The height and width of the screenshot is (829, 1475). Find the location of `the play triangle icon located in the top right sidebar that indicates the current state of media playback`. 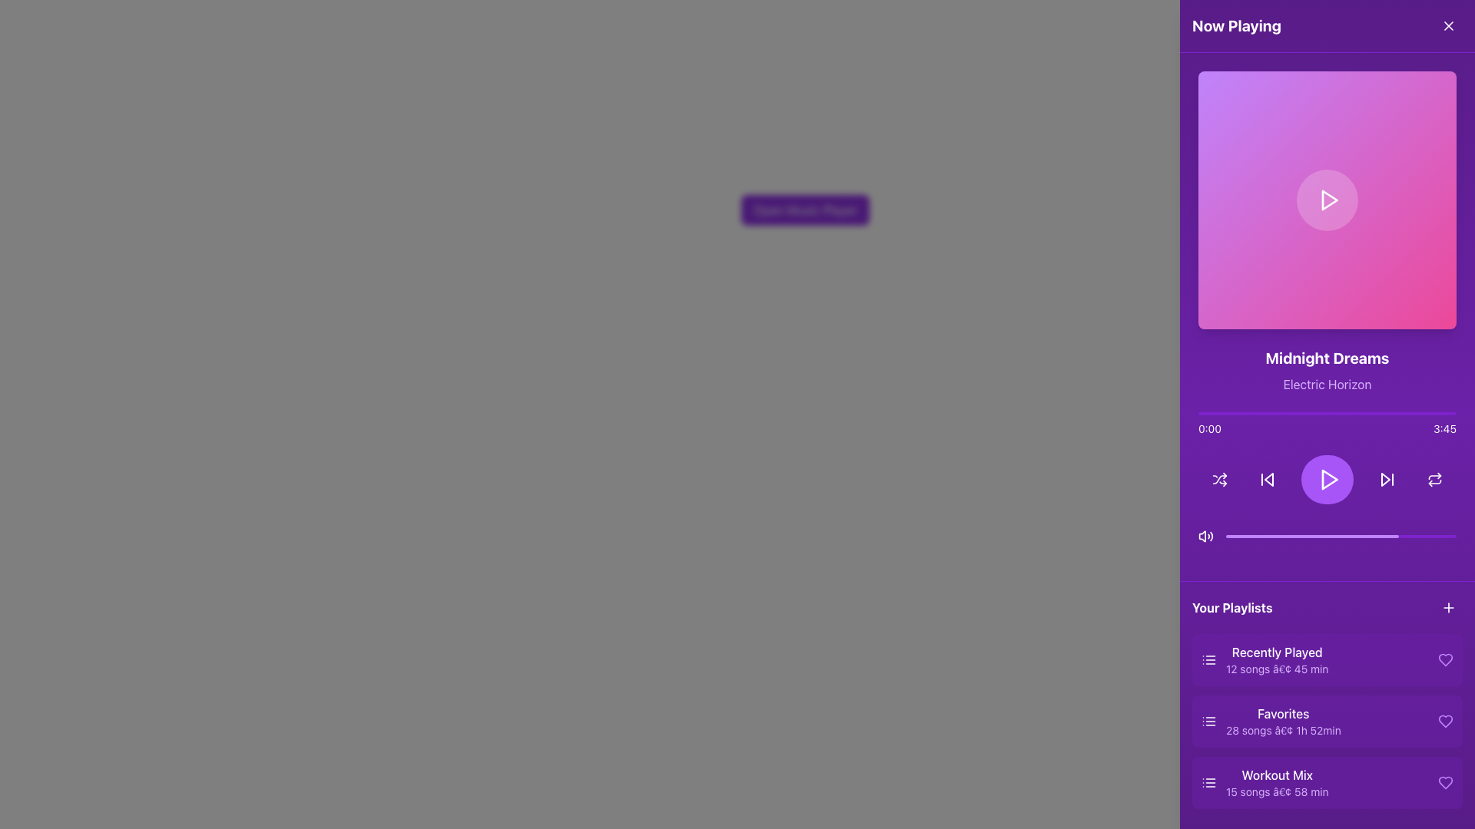

the play triangle icon located in the top right sidebar that indicates the current state of media playback is located at coordinates (1329, 200).